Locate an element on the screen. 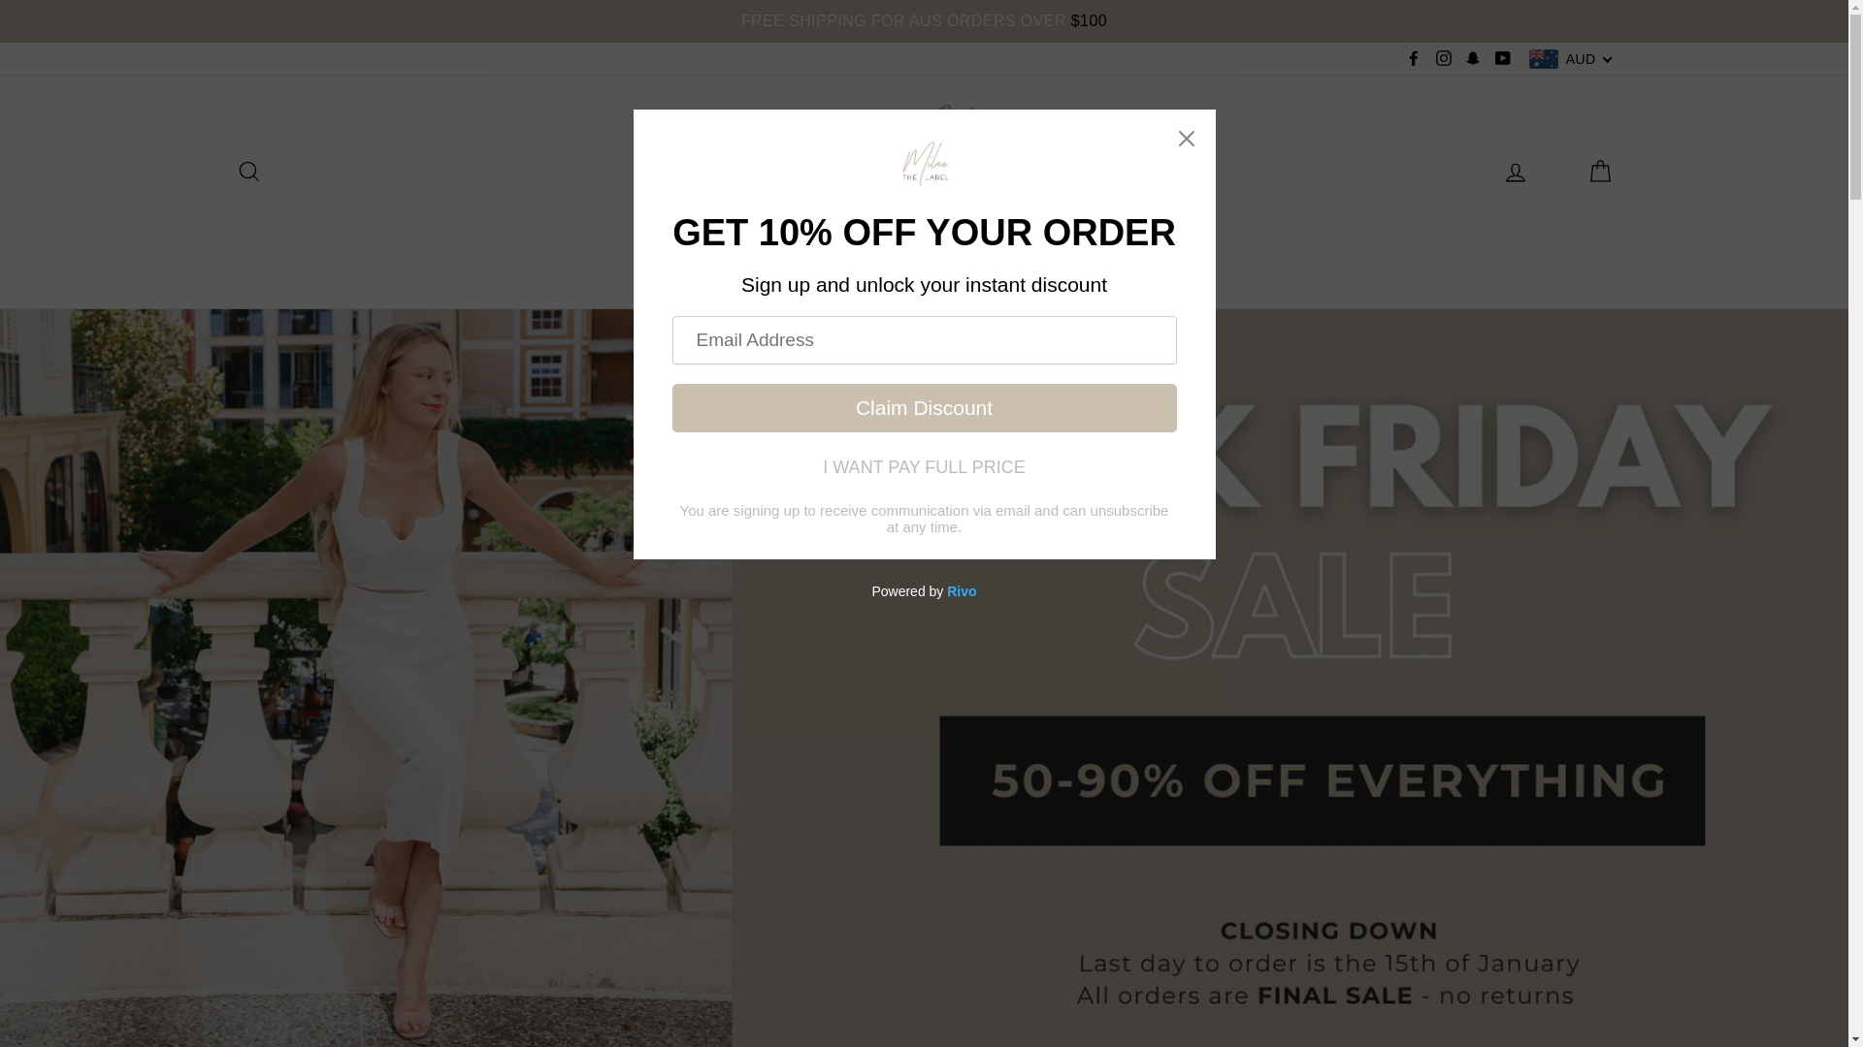 The image size is (1863, 1047). 'Cart' is located at coordinates (1598, 169).